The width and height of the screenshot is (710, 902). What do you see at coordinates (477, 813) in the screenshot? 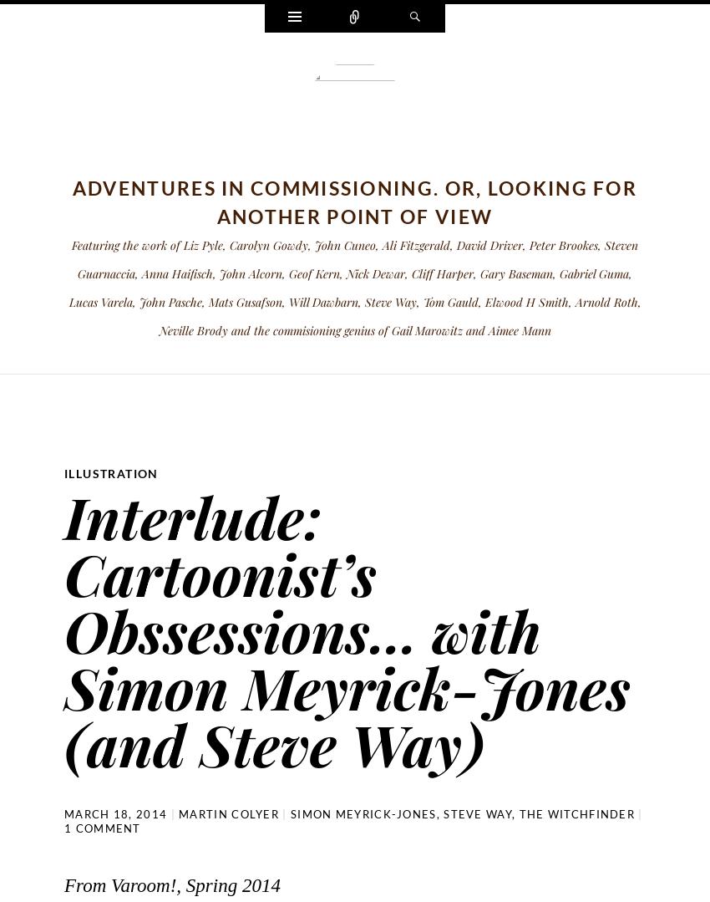
I see `'Steve Way'` at bounding box center [477, 813].